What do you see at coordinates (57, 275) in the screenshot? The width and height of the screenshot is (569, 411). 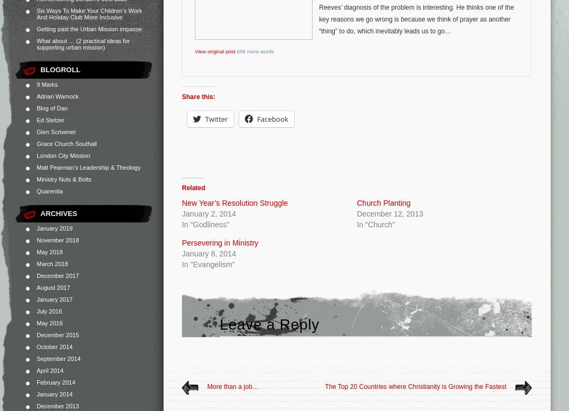 I see `'December 2017'` at bounding box center [57, 275].